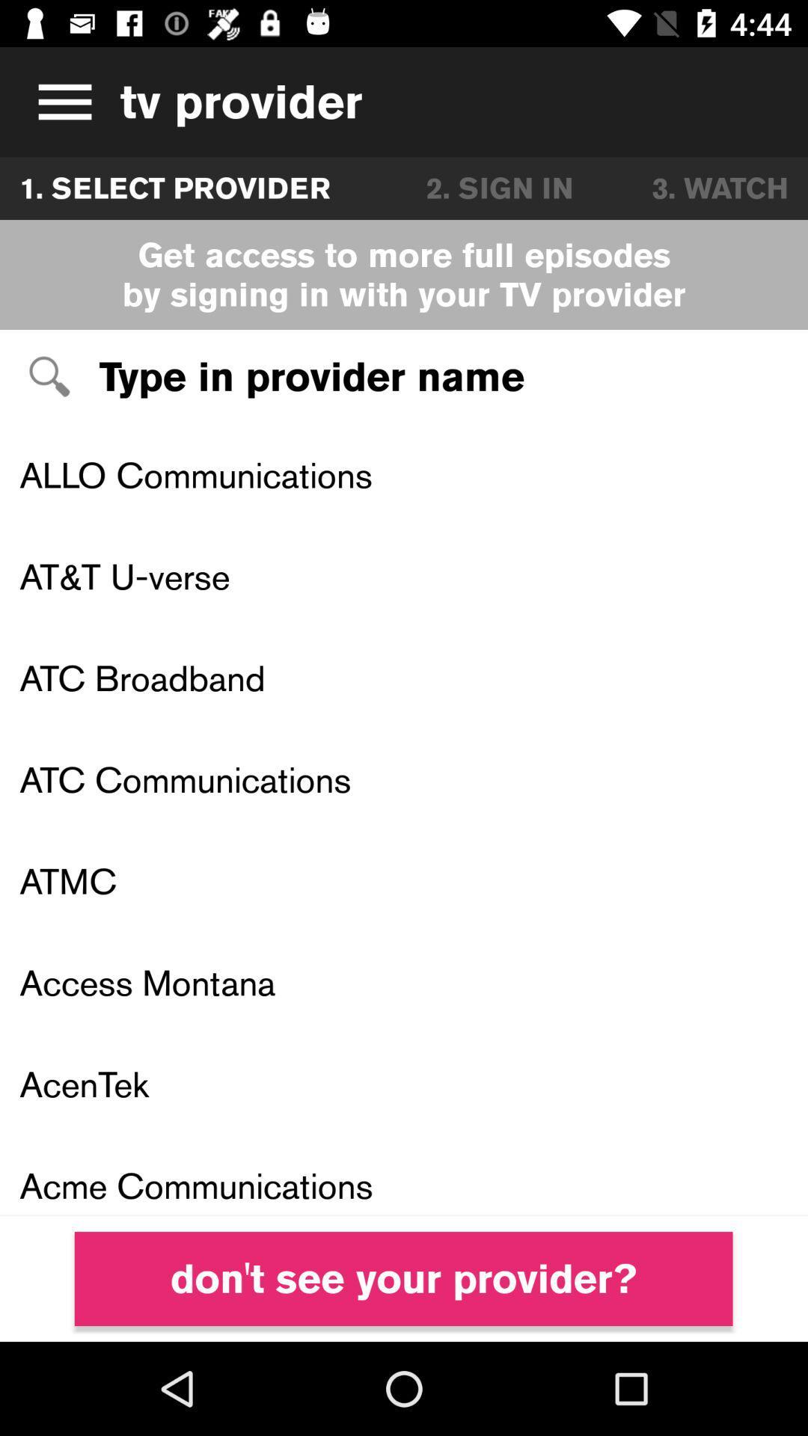 This screenshot has height=1436, width=808. I want to click on provider name text field, so click(404, 377).